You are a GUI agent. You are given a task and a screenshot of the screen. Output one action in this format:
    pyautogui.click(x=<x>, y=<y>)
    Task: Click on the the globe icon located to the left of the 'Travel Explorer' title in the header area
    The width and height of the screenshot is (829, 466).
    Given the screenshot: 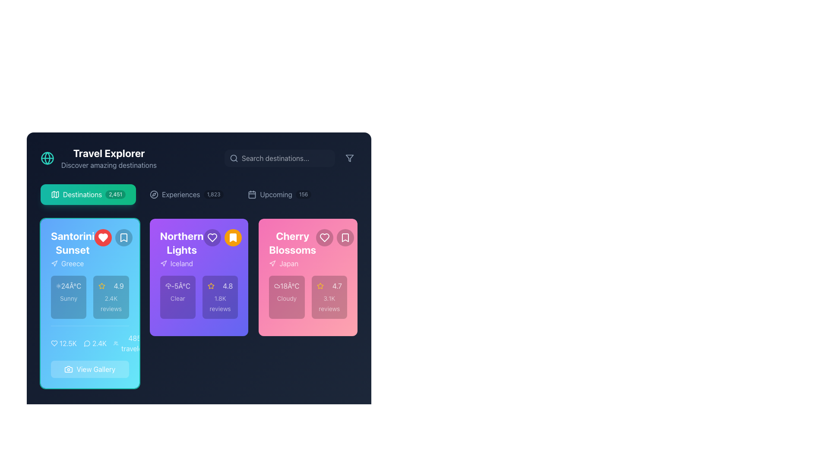 What is the action you would take?
    pyautogui.click(x=47, y=158)
    